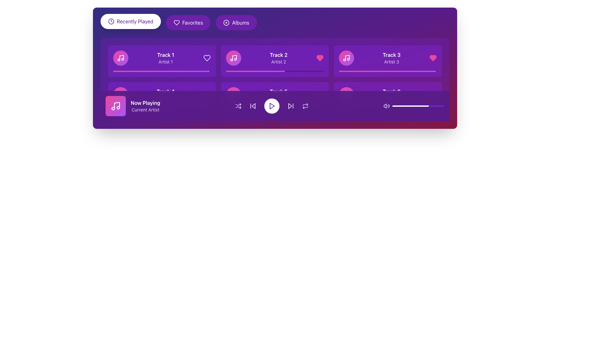 The width and height of the screenshot is (607, 341). Describe the element at coordinates (192, 22) in the screenshot. I see `the 'Favorites' text label within the rounded button in the top navigation bar for accessibility navigation` at that location.